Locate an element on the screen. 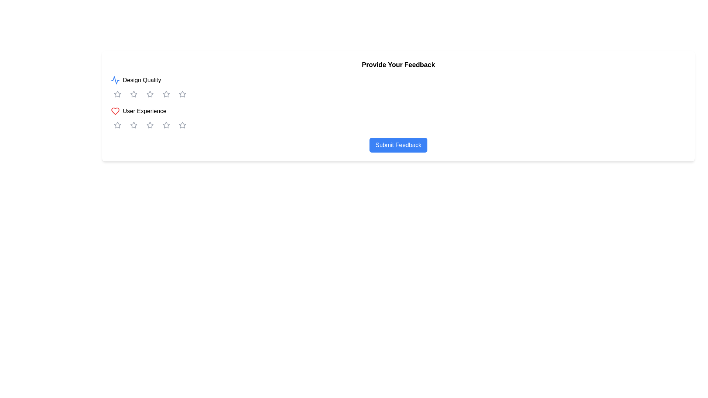 This screenshot has width=708, height=398. the heart icon representing the rating or favorite functionality is located at coordinates (115, 111).